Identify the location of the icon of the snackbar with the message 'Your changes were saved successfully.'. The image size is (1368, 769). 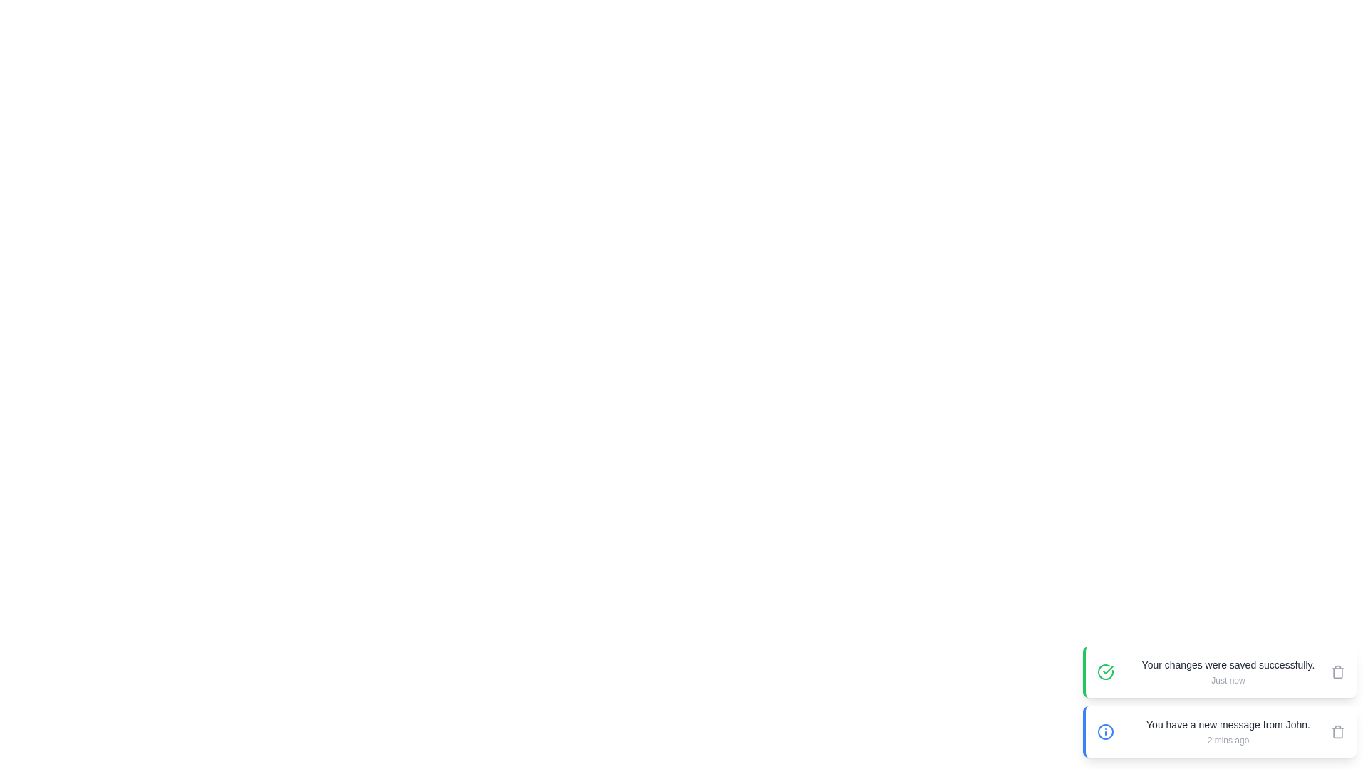
(1104, 672).